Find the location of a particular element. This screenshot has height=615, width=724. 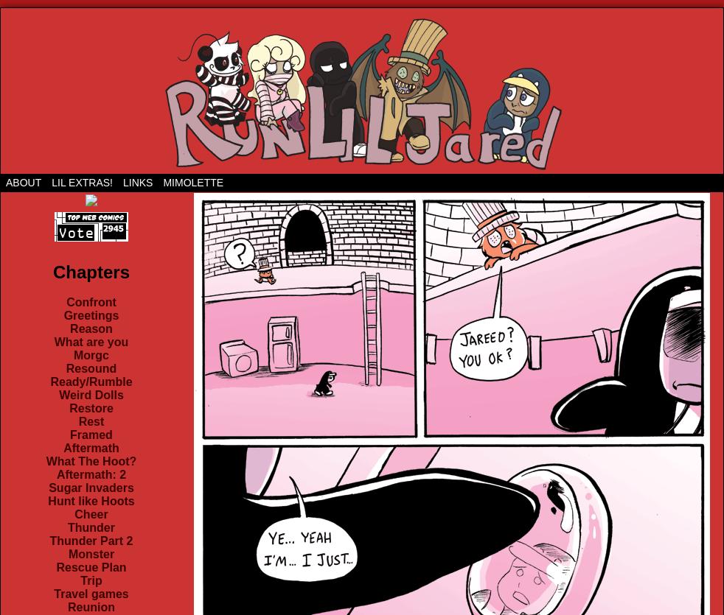

'Aftermath' is located at coordinates (63, 447).